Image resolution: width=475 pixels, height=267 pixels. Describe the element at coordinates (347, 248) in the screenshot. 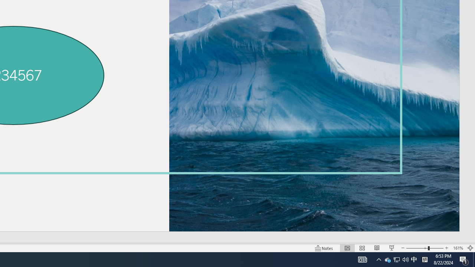

I see `'Normal'` at that location.